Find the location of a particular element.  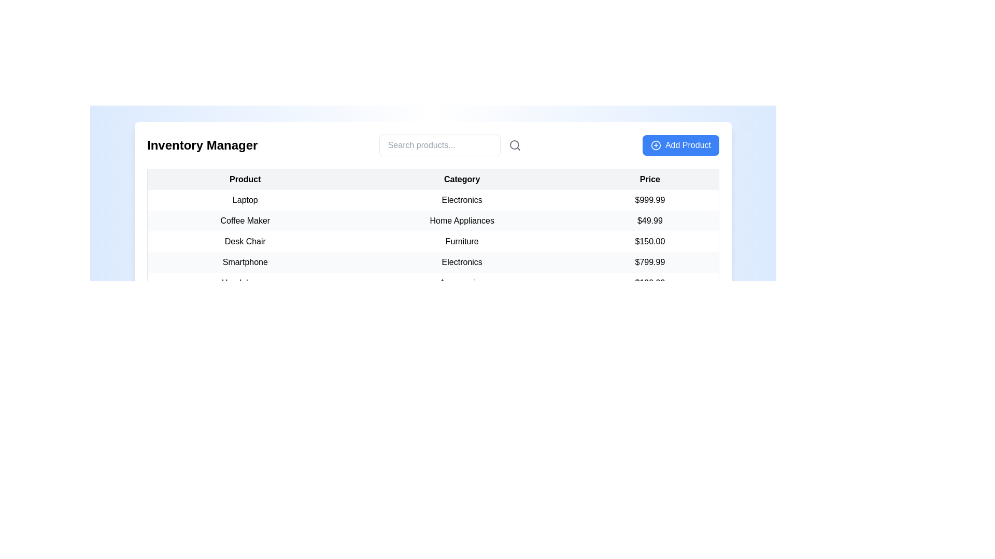

price text from the Label located in the third cell of the row under the 'Price' column, which is beside the 'Category' column containing 'Electronics' and the 'Product' column containing 'Laptop' is located at coordinates (649, 200).